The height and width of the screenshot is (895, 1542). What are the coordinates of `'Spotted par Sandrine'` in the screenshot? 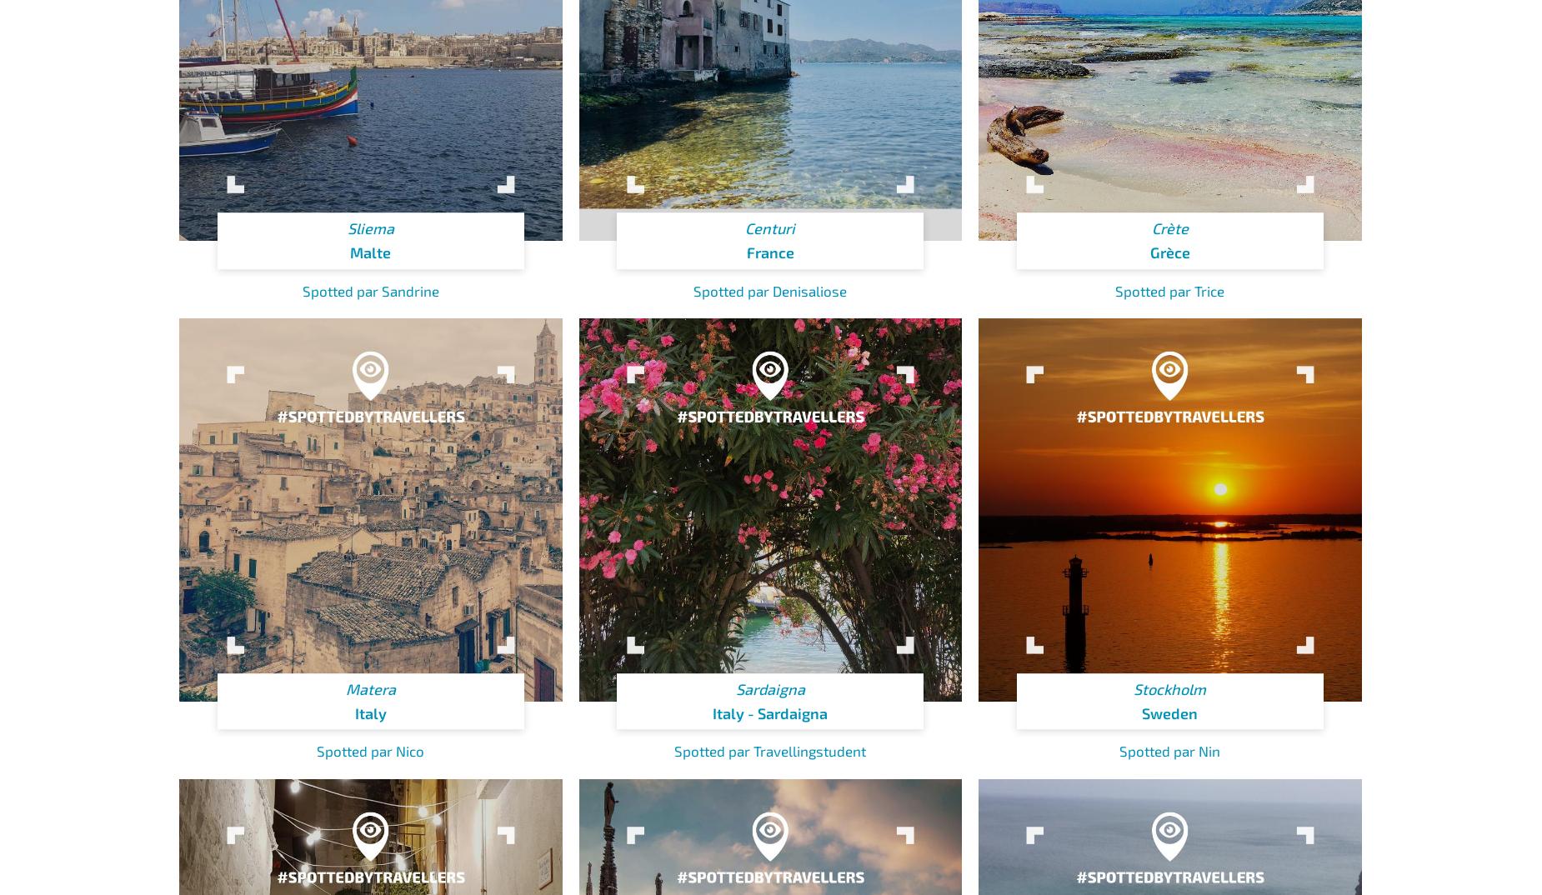 It's located at (369, 288).